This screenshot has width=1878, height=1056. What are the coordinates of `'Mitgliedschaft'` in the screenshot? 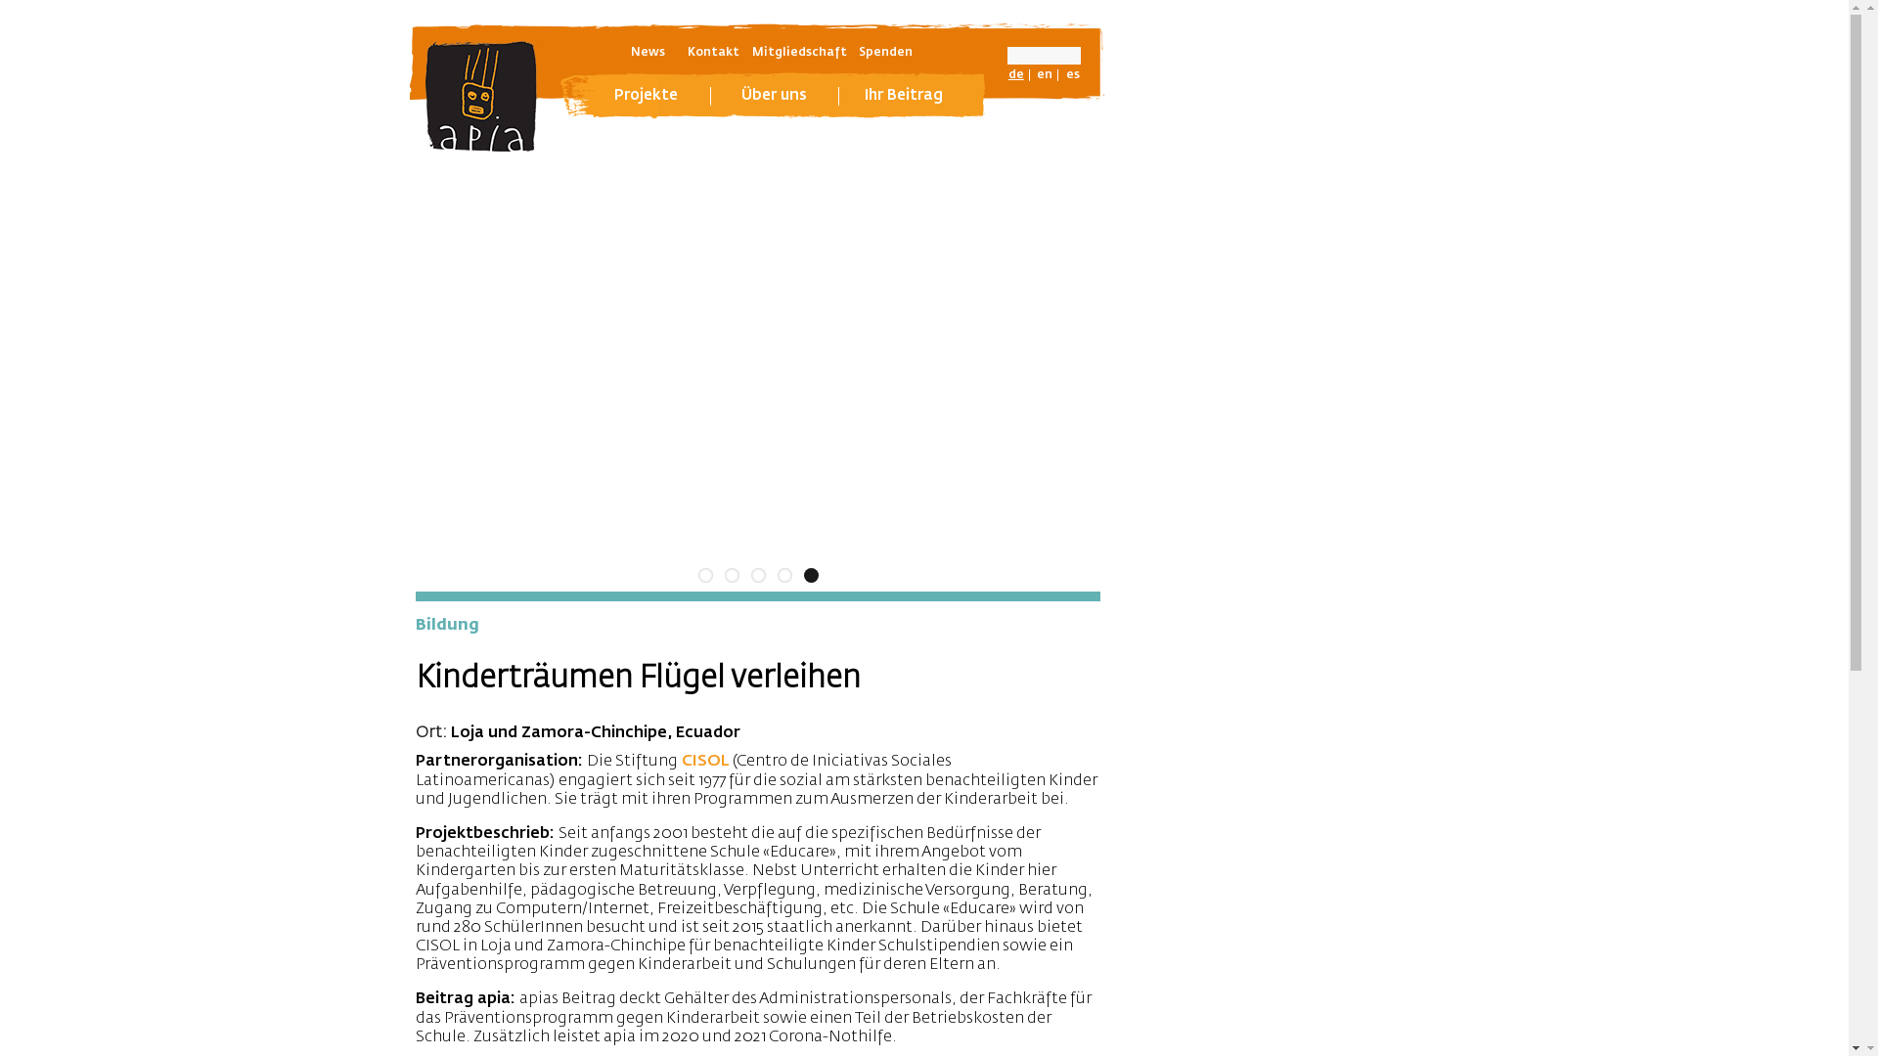 It's located at (798, 52).